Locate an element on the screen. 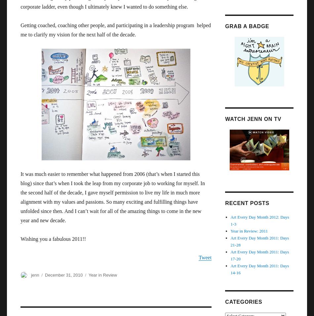 Image resolution: width=314 pixels, height=316 pixels. 'Art Every Day Month 2011: Days 17-20' is located at coordinates (259, 255).